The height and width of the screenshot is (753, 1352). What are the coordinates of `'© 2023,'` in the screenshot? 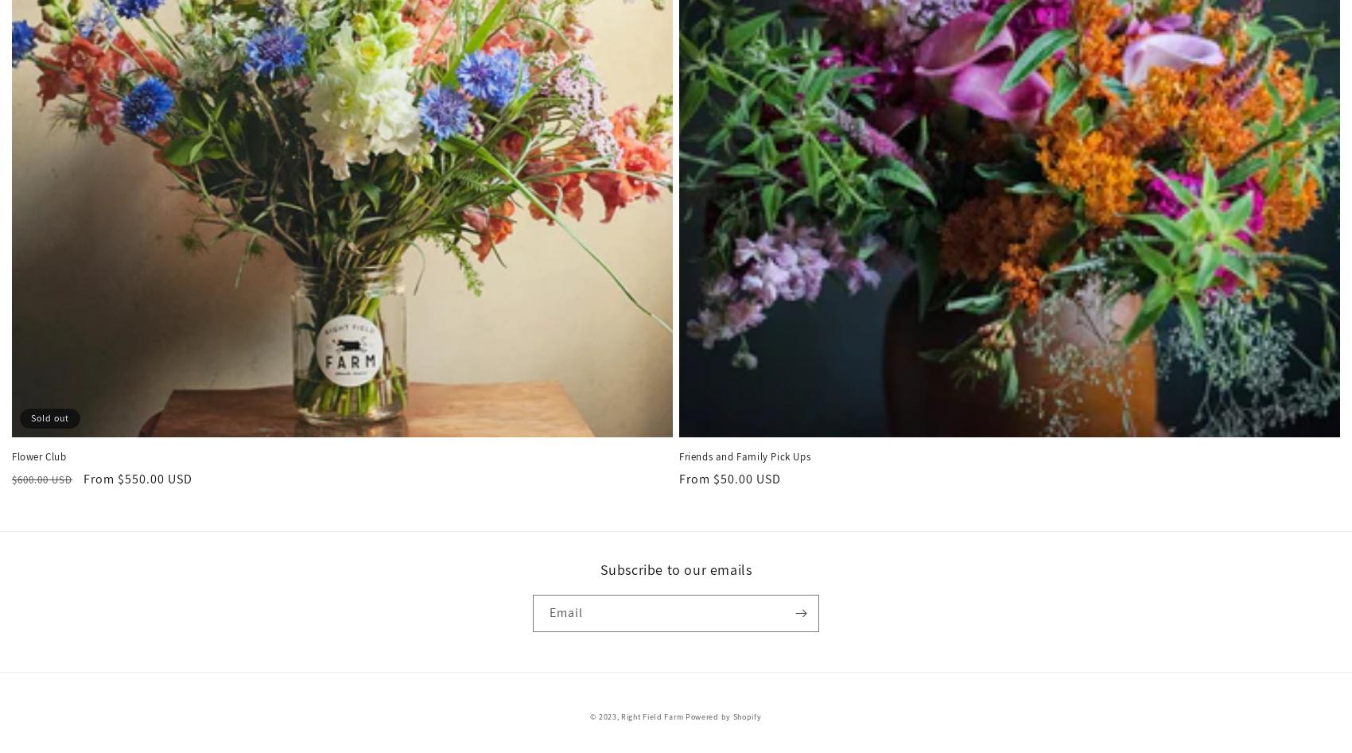 It's located at (604, 716).